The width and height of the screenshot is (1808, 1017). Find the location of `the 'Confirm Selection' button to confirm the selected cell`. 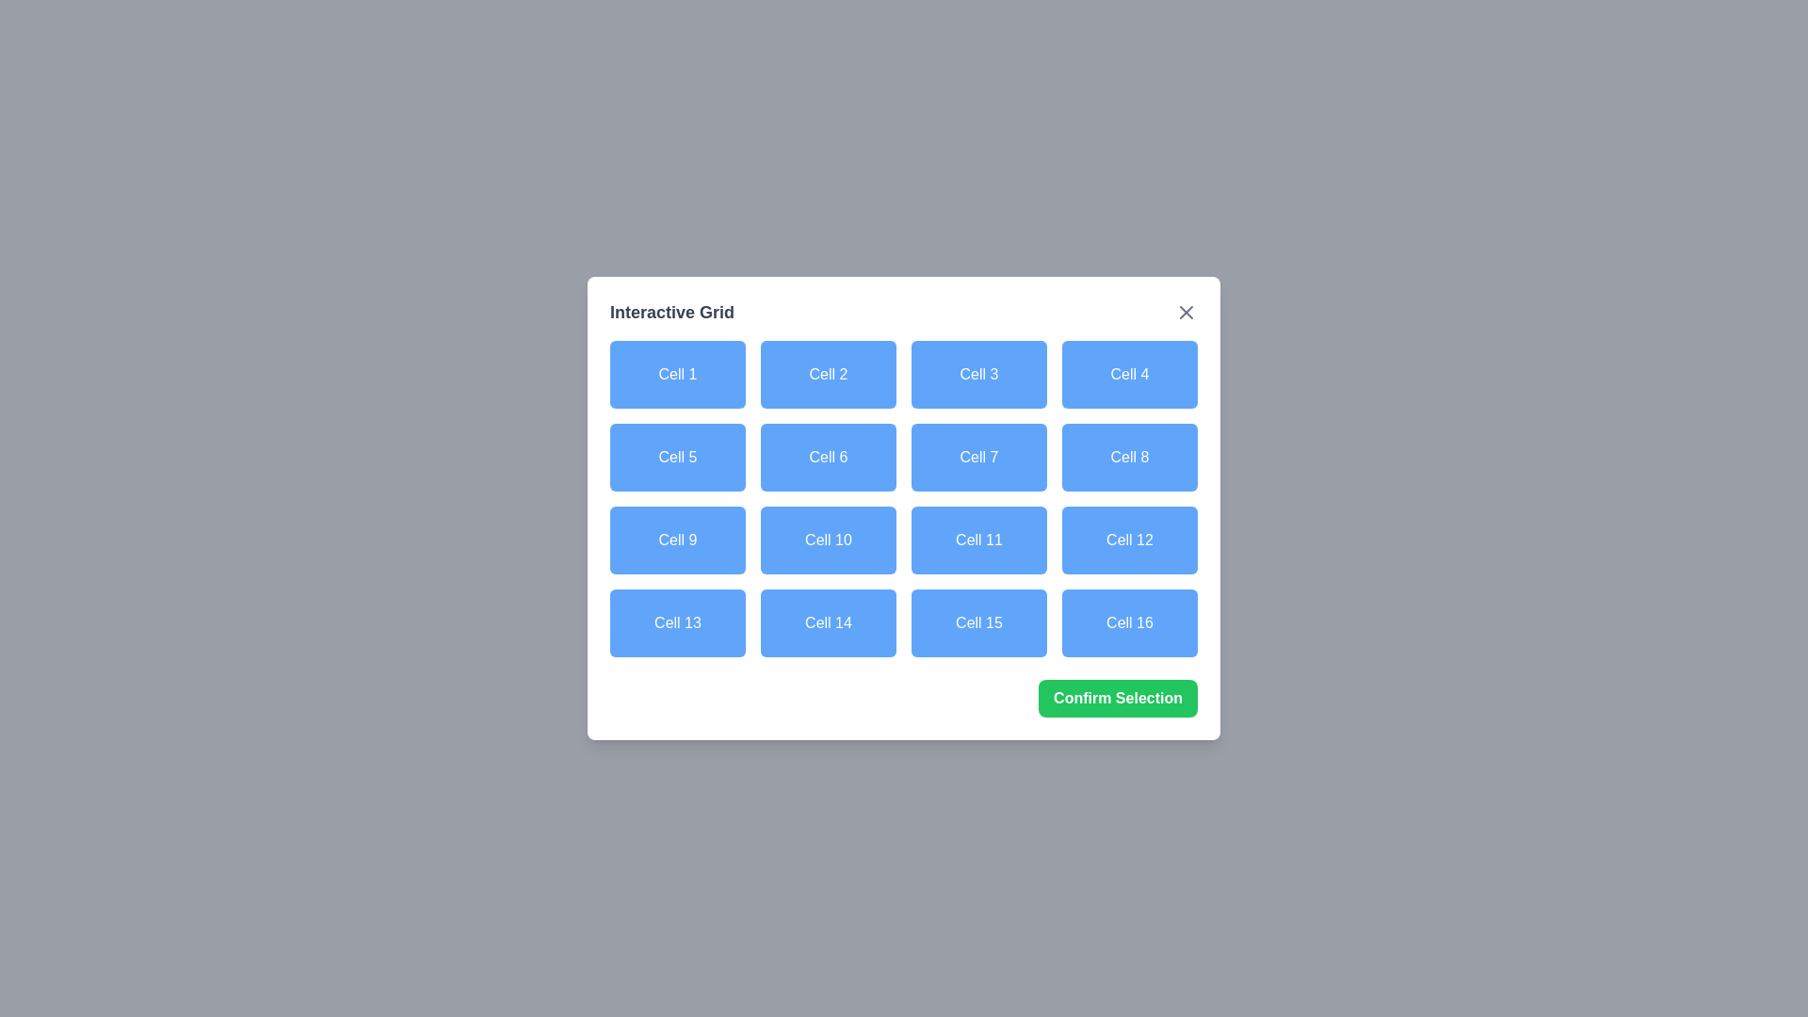

the 'Confirm Selection' button to confirm the selected cell is located at coordinates (1117, 698).